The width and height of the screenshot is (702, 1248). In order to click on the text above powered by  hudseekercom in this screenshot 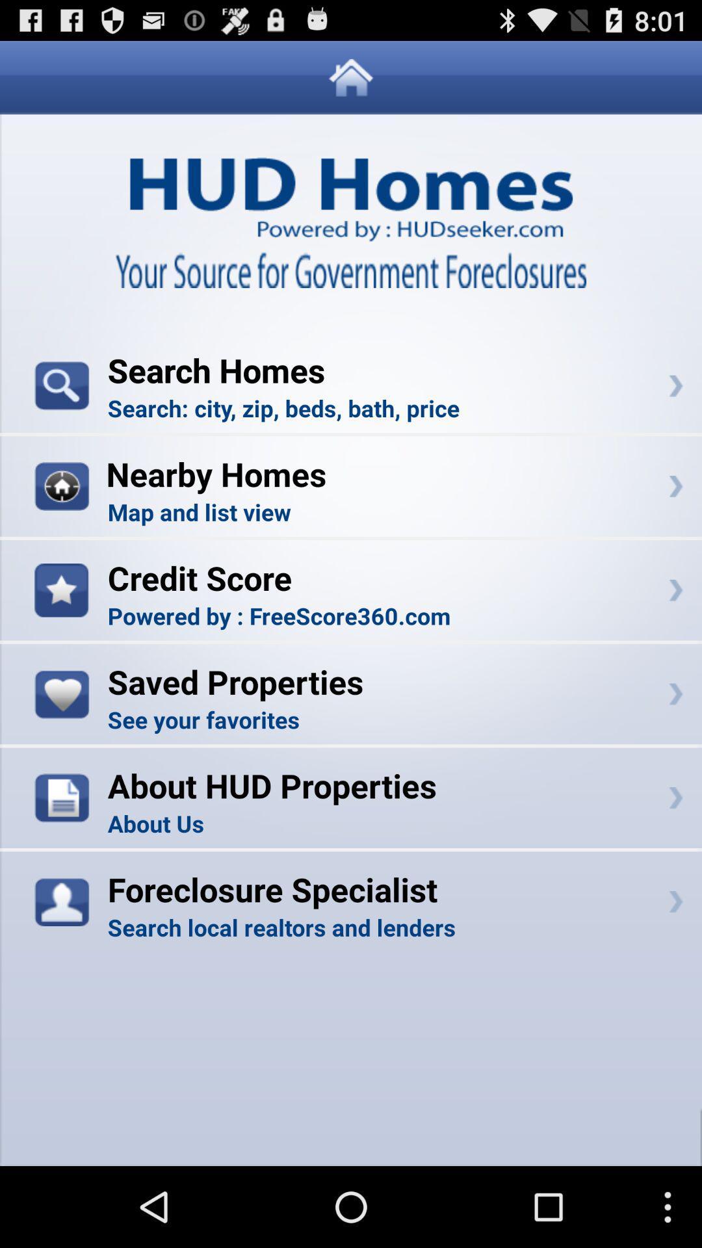, I will do `click(351, 183)`.